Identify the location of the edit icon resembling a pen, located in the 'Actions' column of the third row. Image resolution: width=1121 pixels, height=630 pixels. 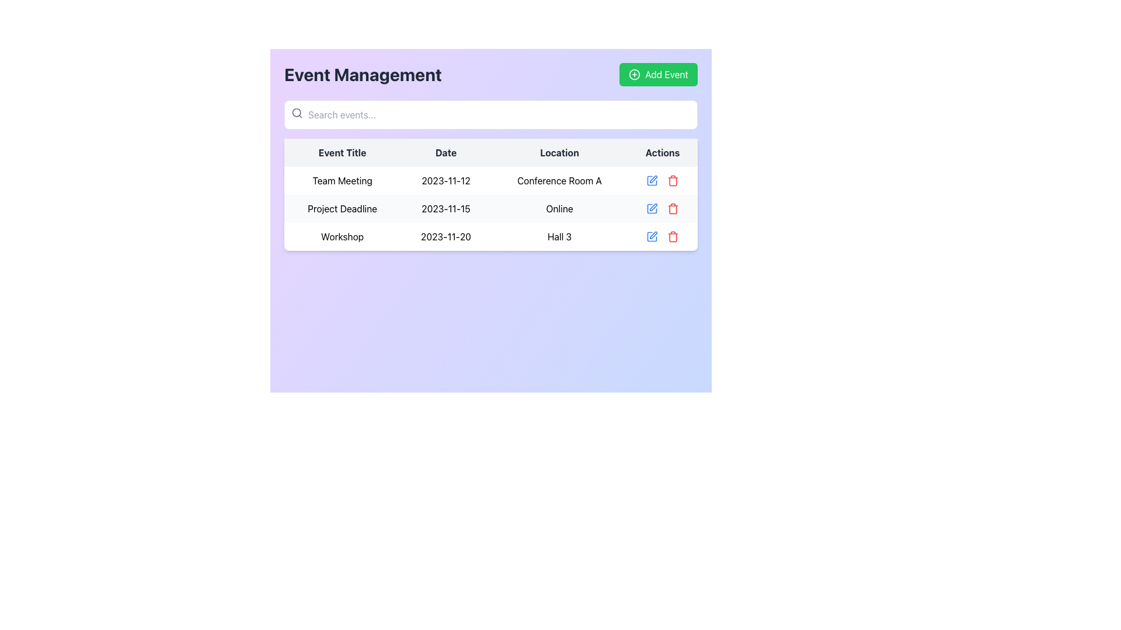
(652, 235).